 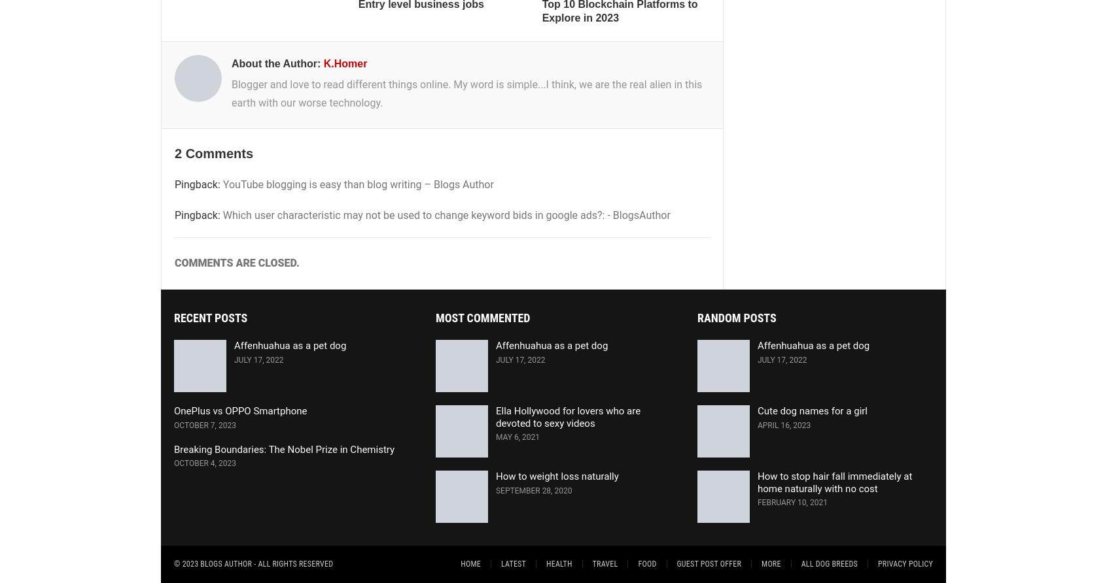 I want to click on 'How to weight loss naturally', so click(x=556, y=475).